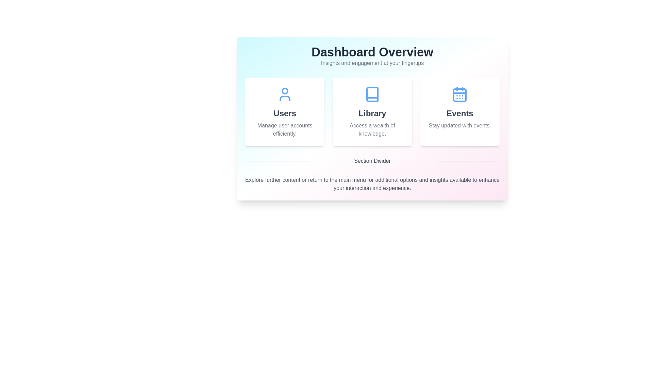 The width and height of the screenshot is (653, 367). I want to click on main title text label located at the top of the dashboard interface, which serves as an indication of the content and purpose of the display, so click(372, 52).